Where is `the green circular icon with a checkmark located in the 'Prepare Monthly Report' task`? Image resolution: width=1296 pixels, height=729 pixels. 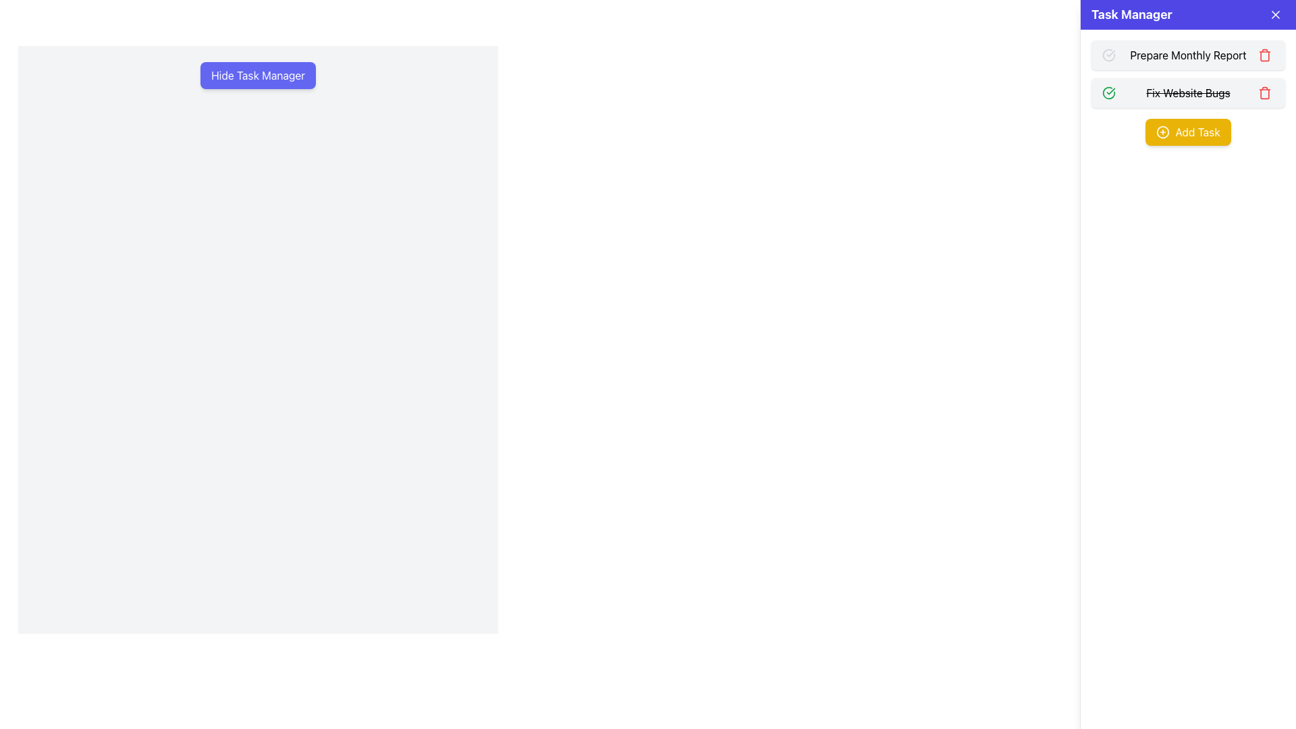
the green circular icon with a checkmark located in the 'Prepare Monthly Report' task is located at coordinates (1108, 54).